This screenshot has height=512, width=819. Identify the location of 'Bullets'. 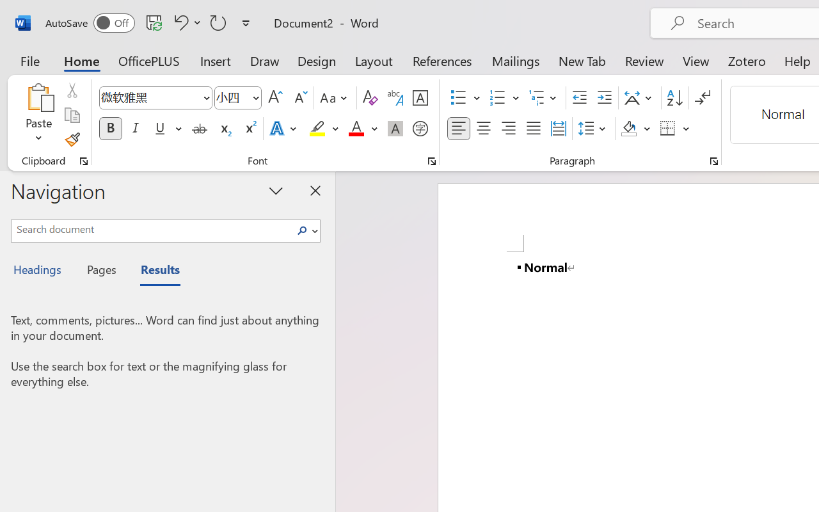
(465, 98).